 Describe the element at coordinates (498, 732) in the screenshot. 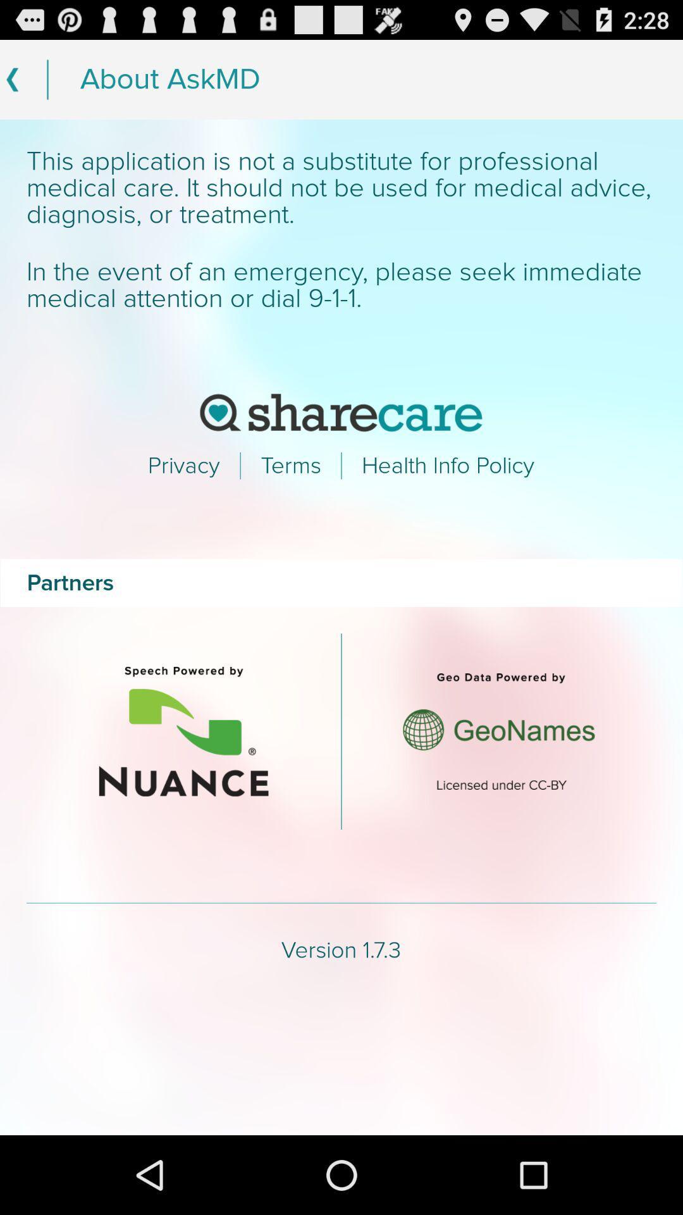

I see `a second option which is below partners` at that location.